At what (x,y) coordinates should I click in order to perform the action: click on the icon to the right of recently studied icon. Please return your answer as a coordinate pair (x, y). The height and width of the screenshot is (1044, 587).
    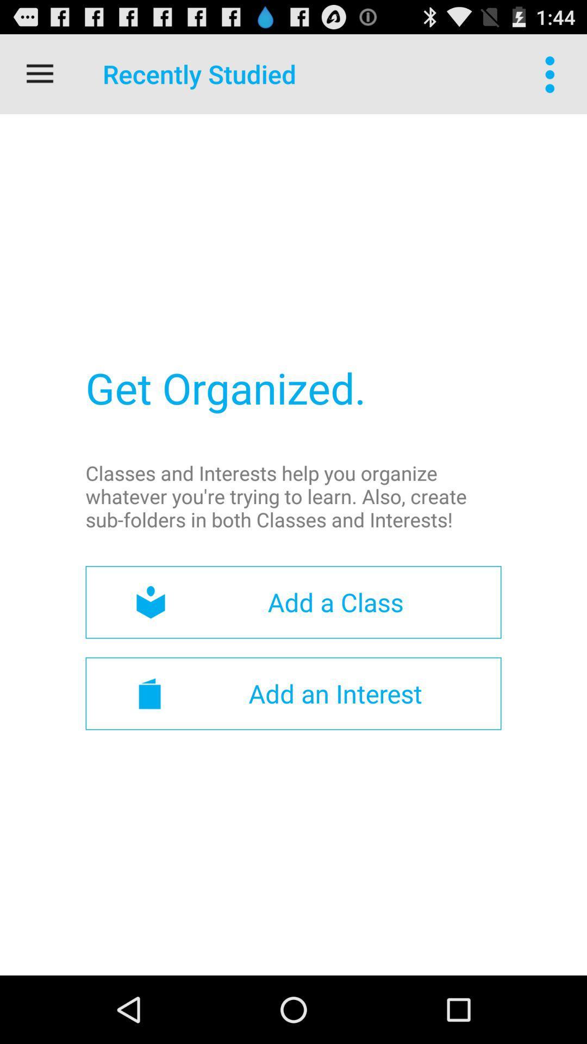
    Looking at the image, I should click on (553, 73).